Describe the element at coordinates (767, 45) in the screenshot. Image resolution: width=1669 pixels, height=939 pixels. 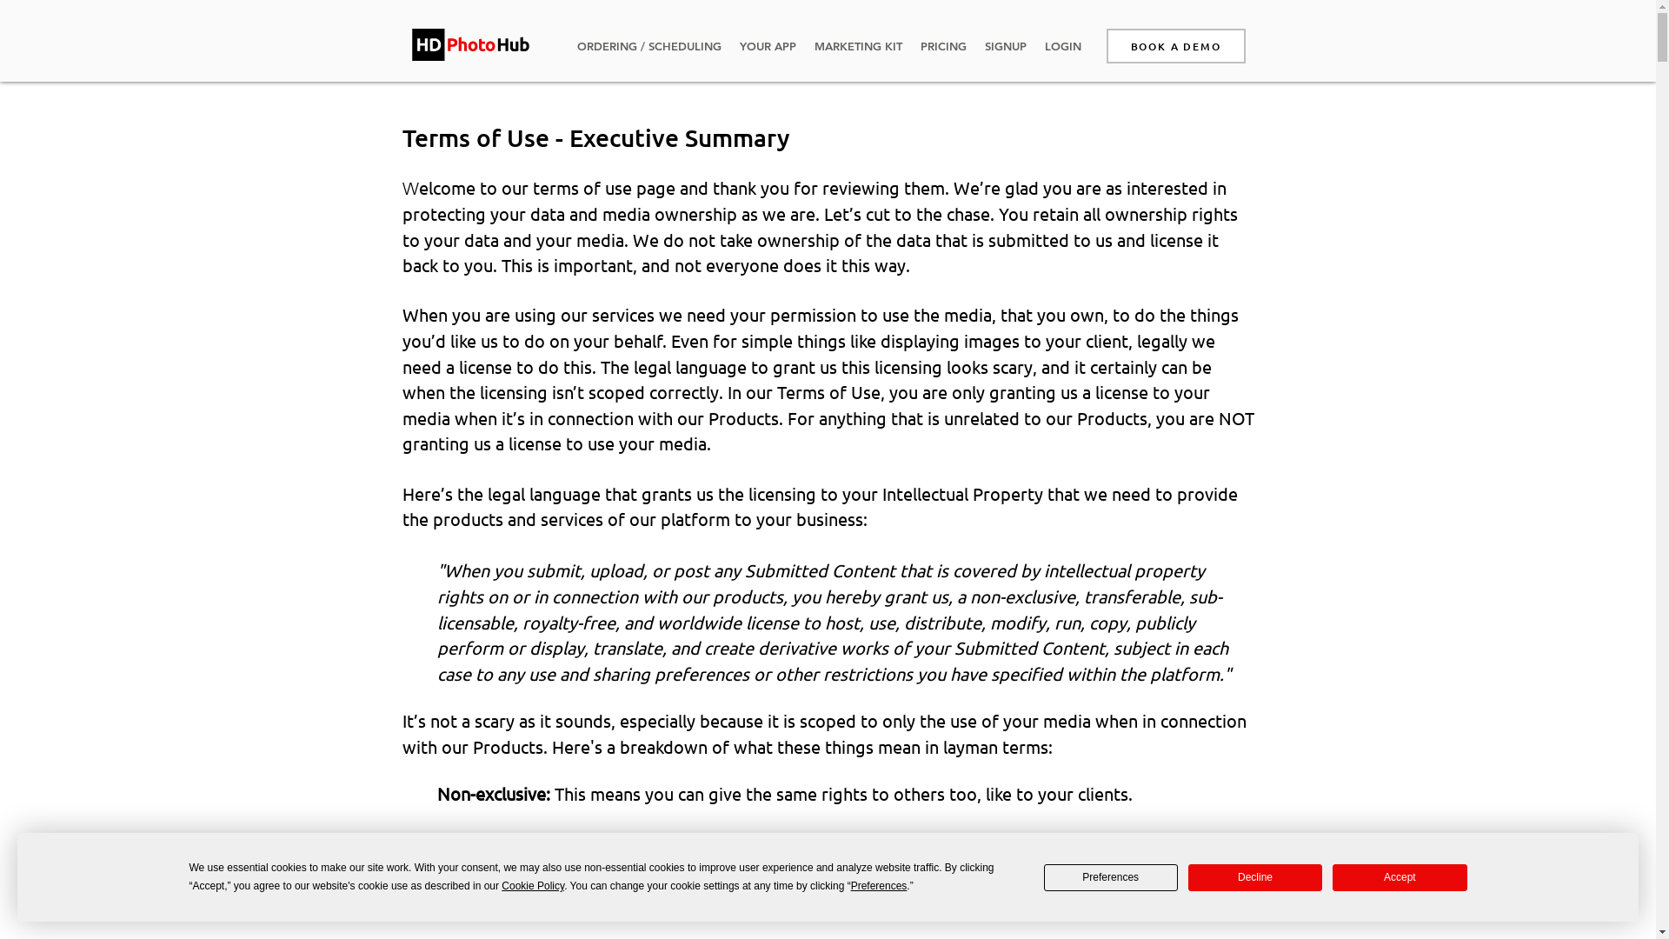
I see `'YOUR APP'` at that location.